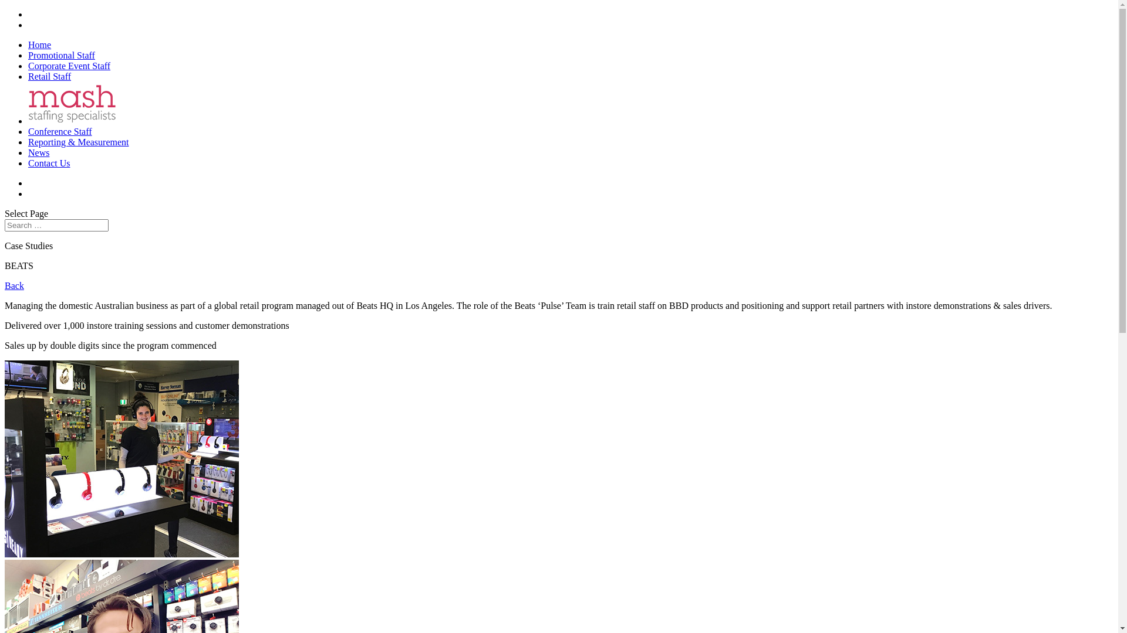  What do you see at coordinates (28, 152) in the screenshot?
I see `'News'` at bounding box center [28, 152].